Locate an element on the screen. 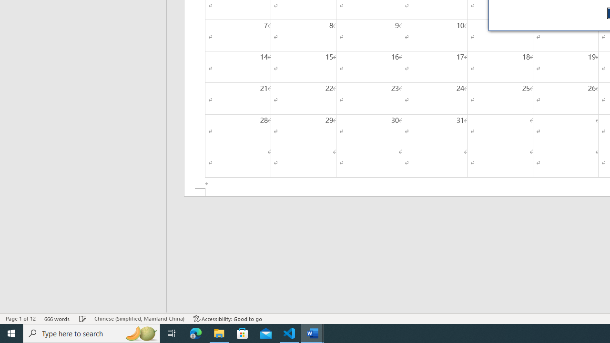  'Visual Studio Code - 1 running window' is located at coordinates (289, 333).